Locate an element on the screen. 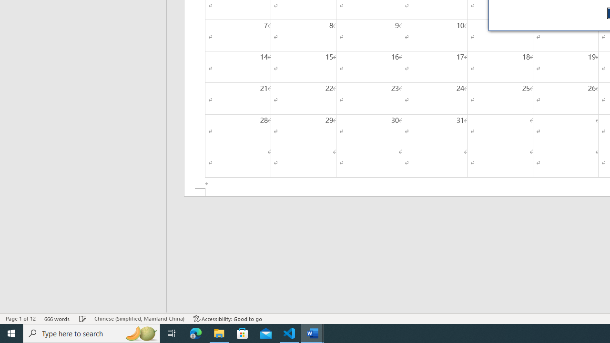  'Visual Studio Code - 1 running window' is located at coordinates (289, 333).